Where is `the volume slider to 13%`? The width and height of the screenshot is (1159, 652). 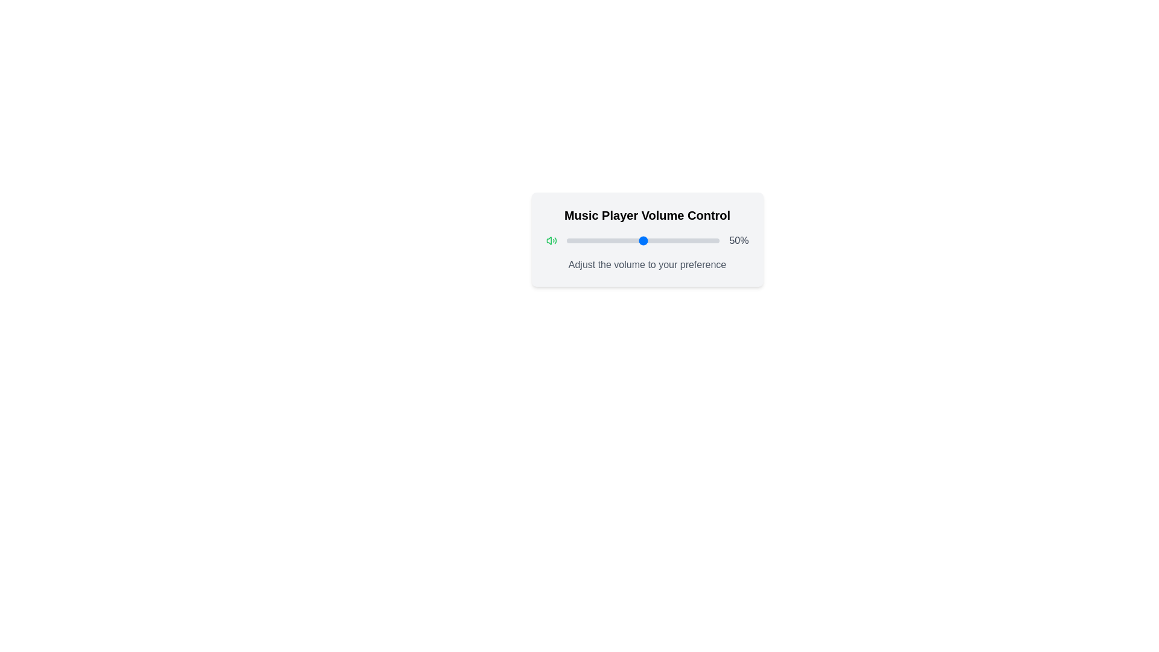 the volume slider to 13% is located at coordinates (586, 240).